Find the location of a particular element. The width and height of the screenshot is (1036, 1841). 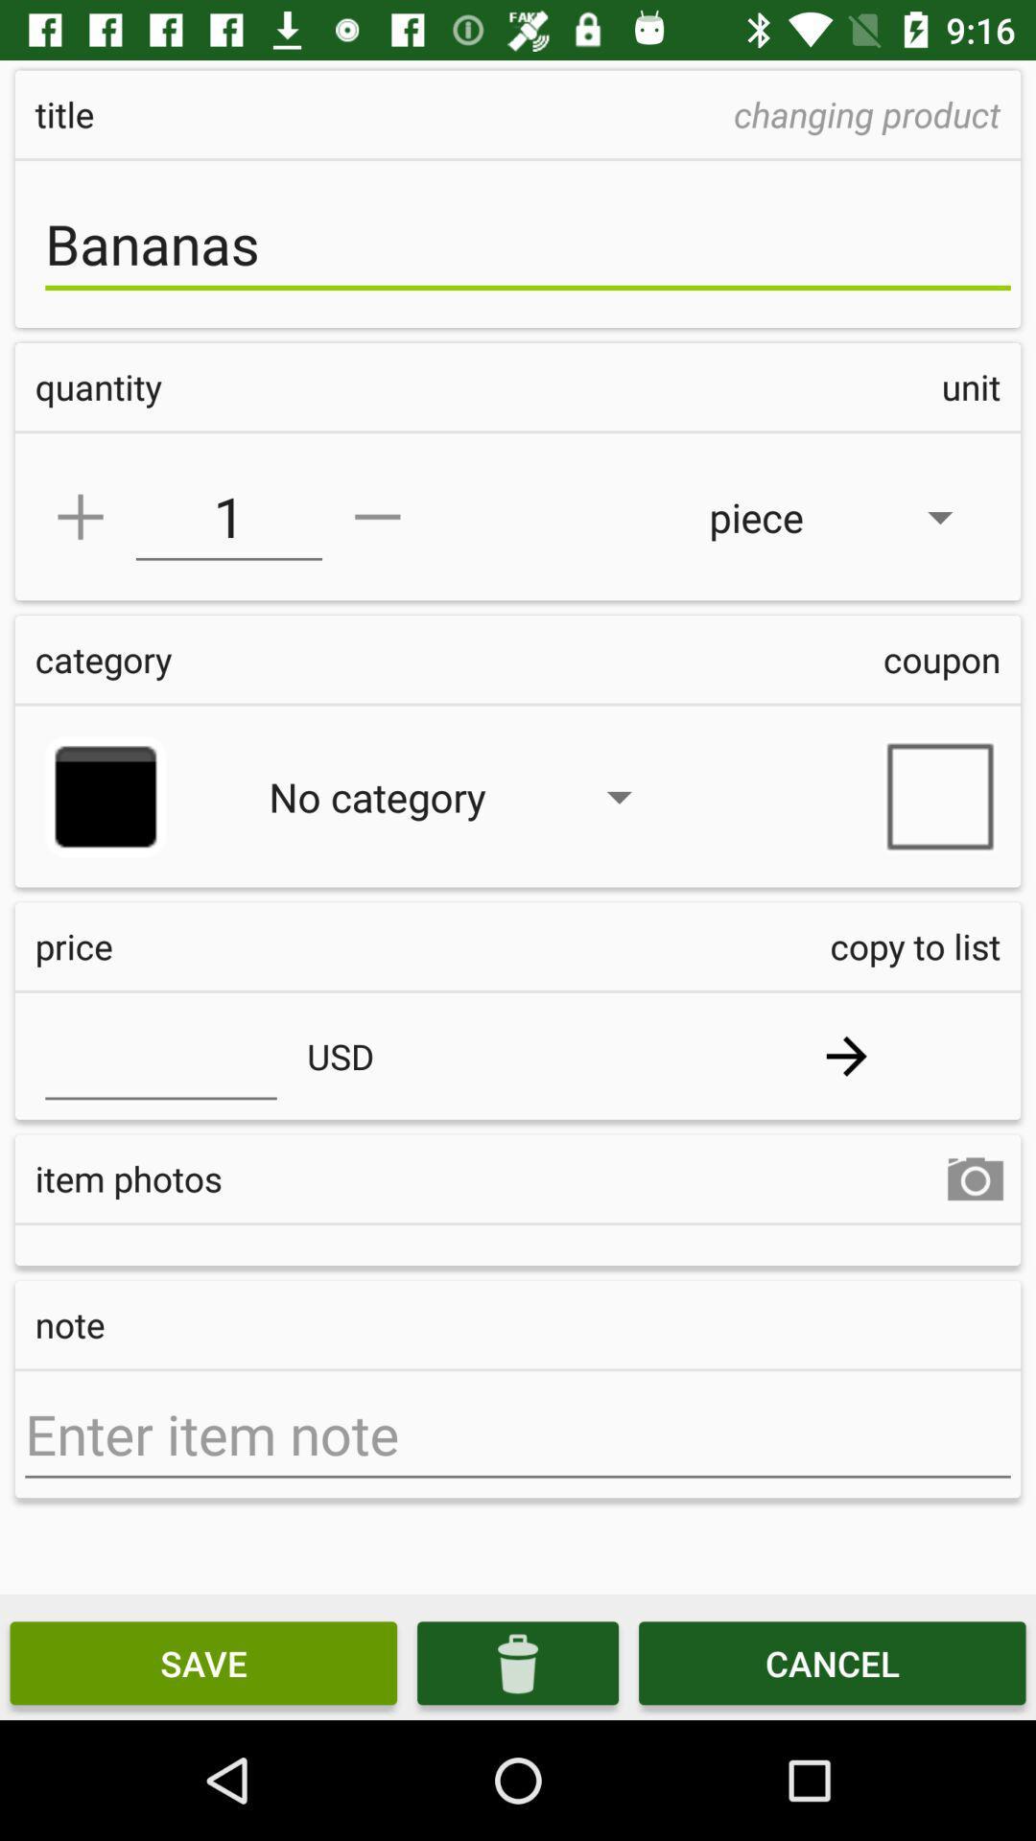

the bananas is located at coordinates (528, 243).